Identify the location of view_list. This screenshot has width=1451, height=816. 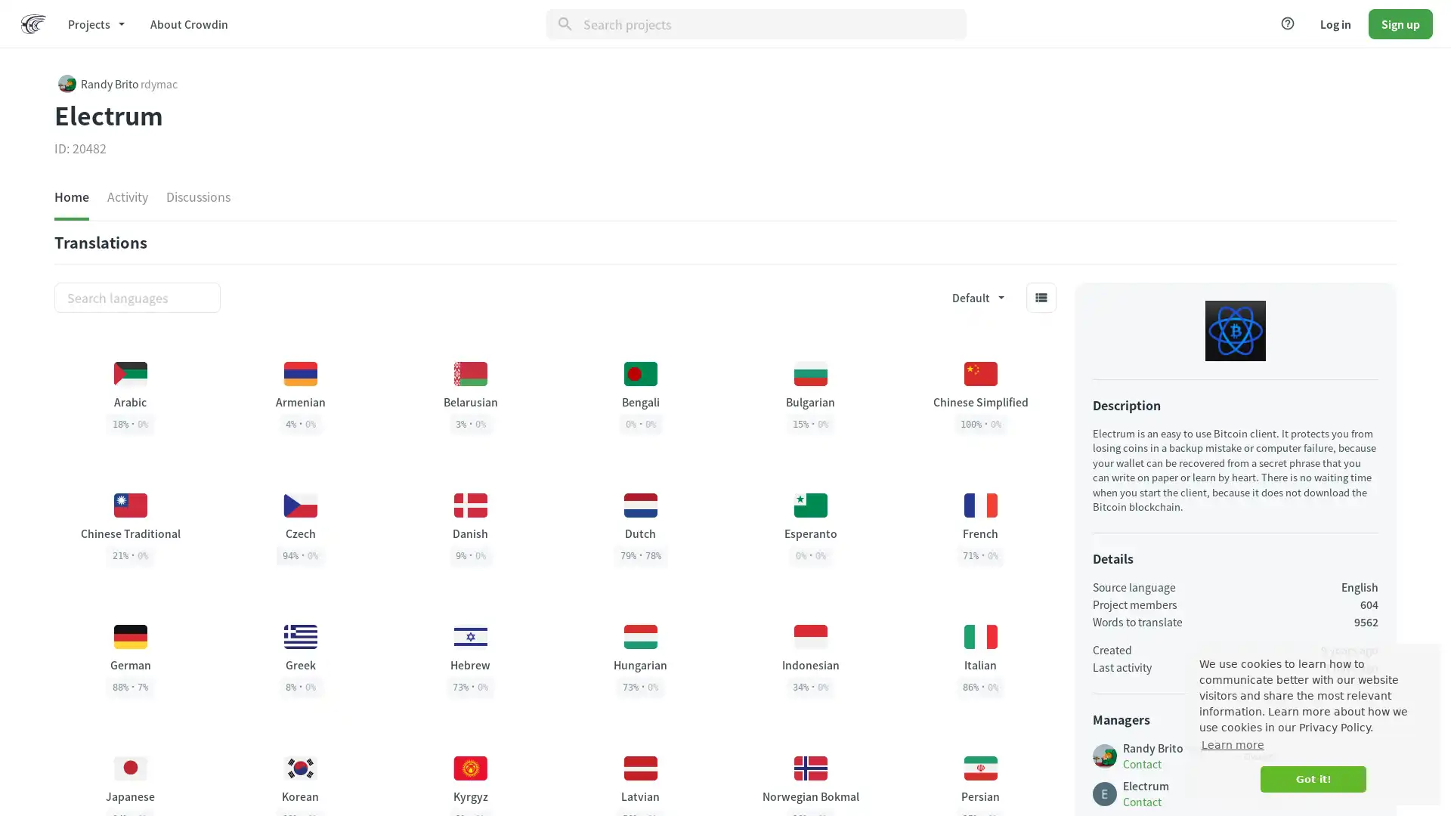
(1040, 297).